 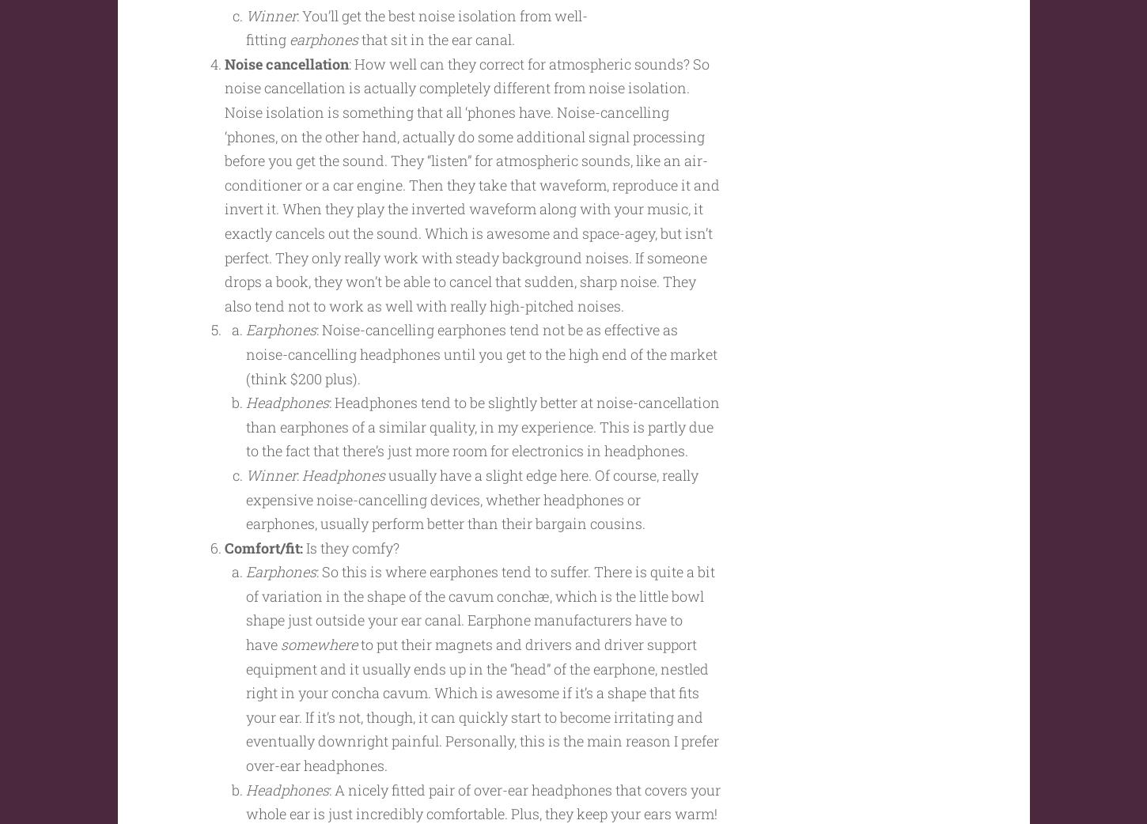 I want to click on ': Noise-cancelling earphones tend not be as effective as noise-cancelling headphones until you get to the high end of the market (think $200 plus).', so click(x=479, y=384).